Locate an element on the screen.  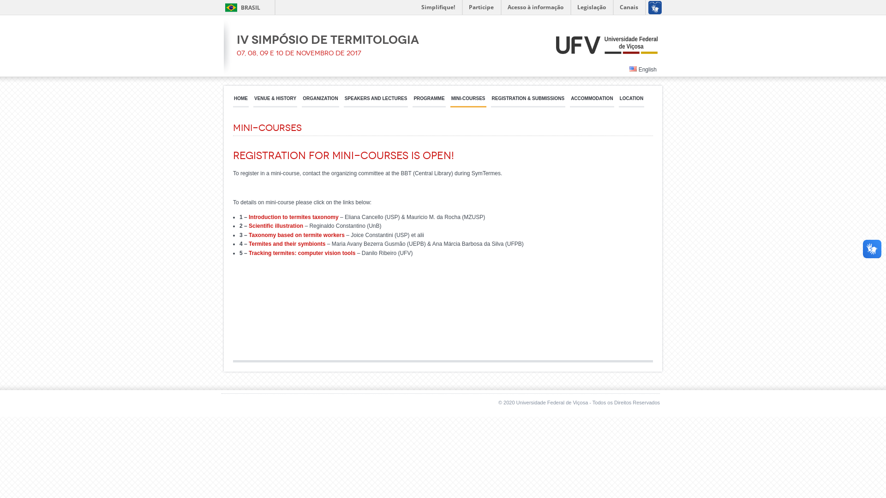
'SPEAKERS AND LECTURES' is located at coordinates (376, 101).